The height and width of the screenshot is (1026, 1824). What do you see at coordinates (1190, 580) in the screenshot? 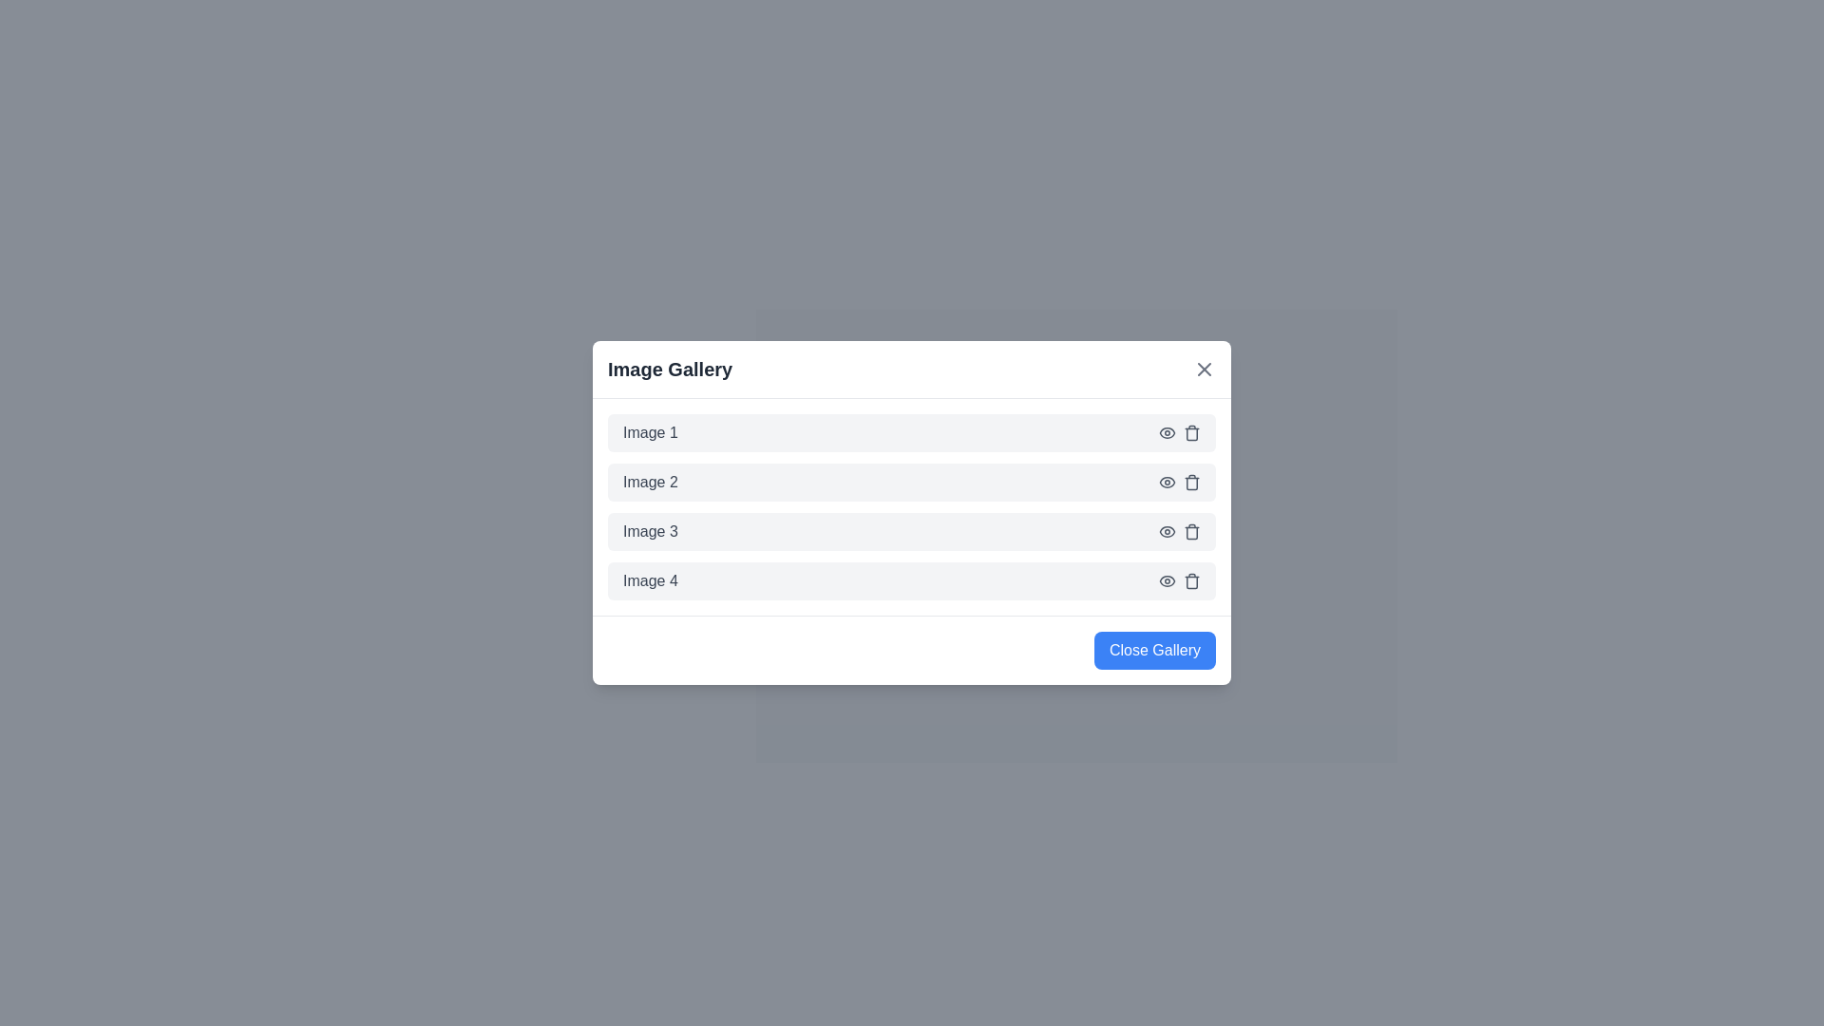
I see `the trash icon button with a gray outline located to the right of the eye icon for 'Image 4' in the image gallery` at bounding box center [1190, 580].